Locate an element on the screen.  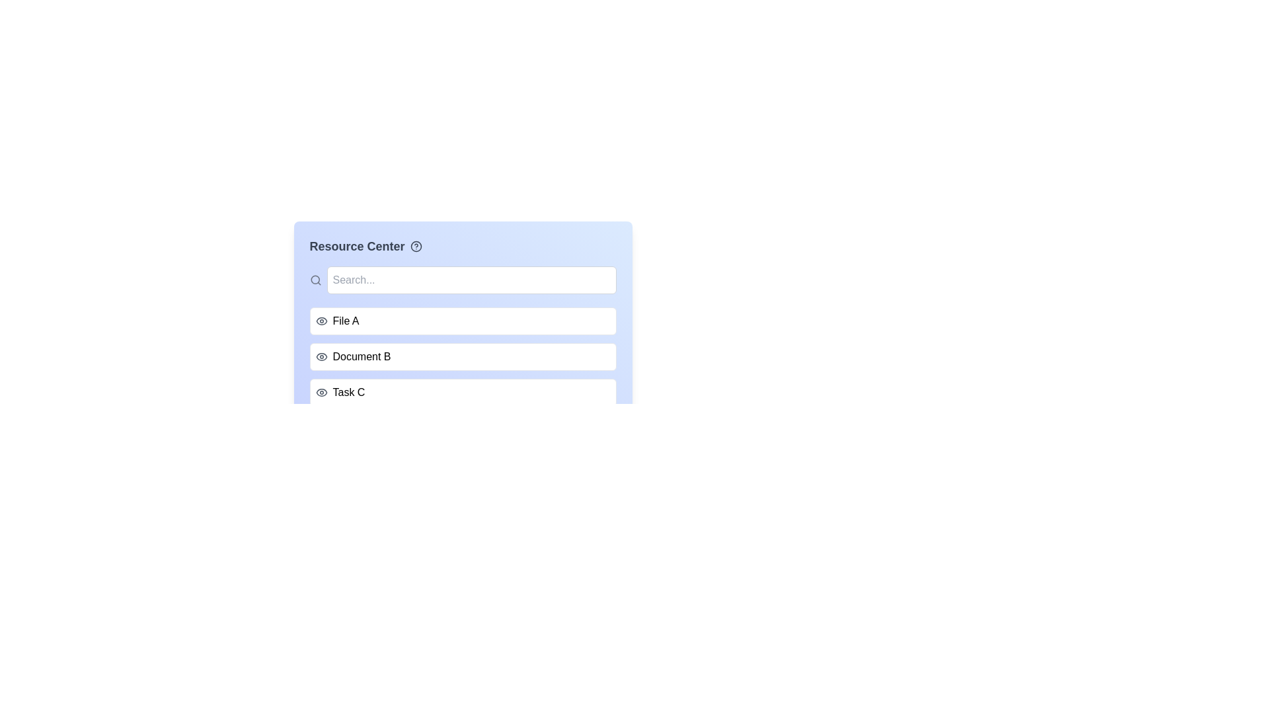
the text label displaying 'Task C', which is positioned to the right of an eye icon within the selectable item group under the 'Resource Center' header is located at coordinates (349, 392).